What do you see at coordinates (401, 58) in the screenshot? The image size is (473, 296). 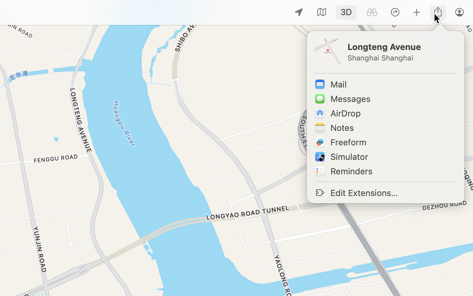 I see `'Shanghai Shanghai'` at bounding box center [401, 58].